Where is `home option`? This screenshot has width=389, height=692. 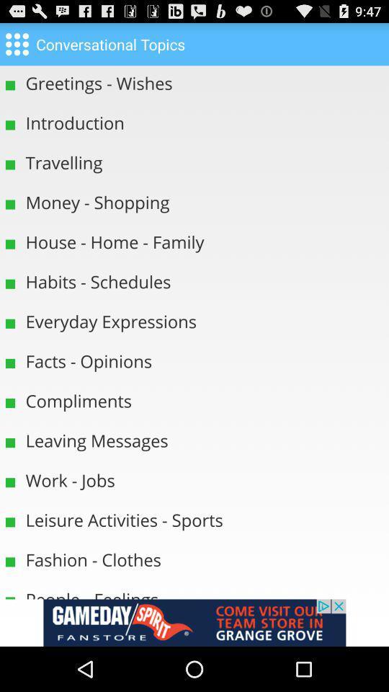
home option is located at coordinates (16, 43).